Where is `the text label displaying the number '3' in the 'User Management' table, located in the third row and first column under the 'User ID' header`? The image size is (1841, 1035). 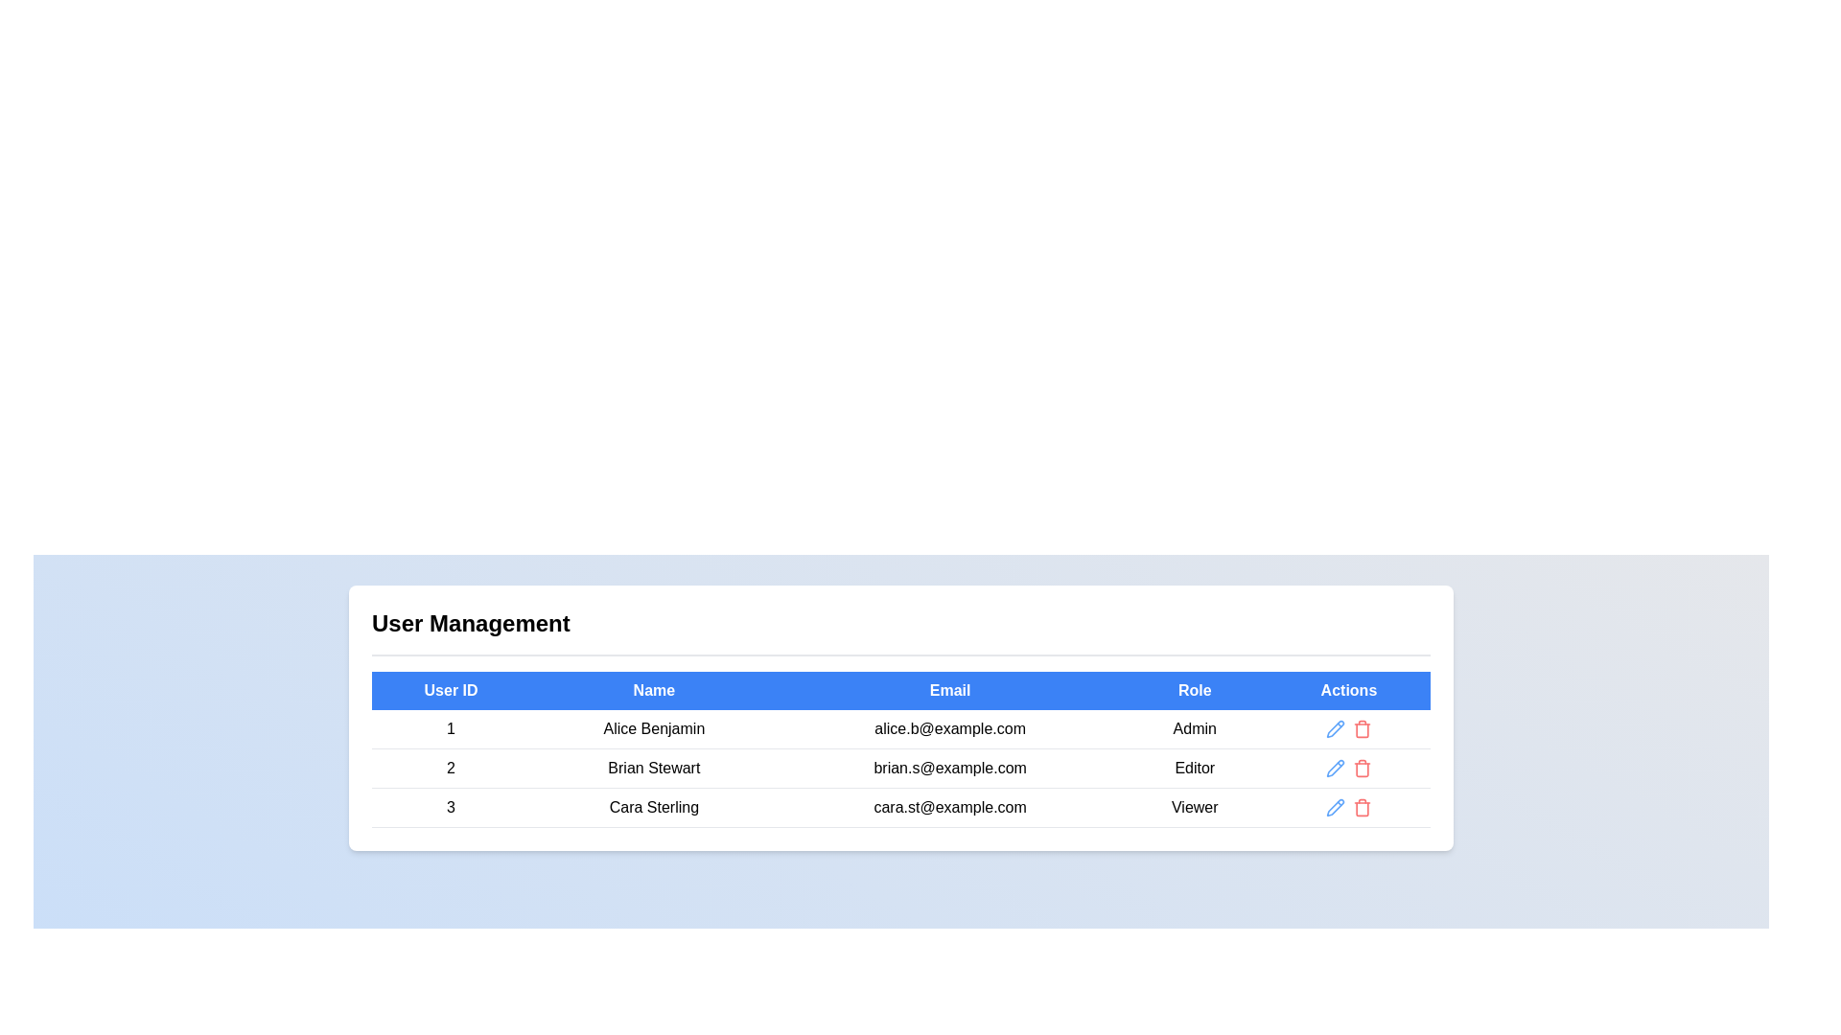 the text label displaying the number '3' in the 'User Management' table, located in the third row and first column under the 'User ID' header is located at coordinates (450, 808).